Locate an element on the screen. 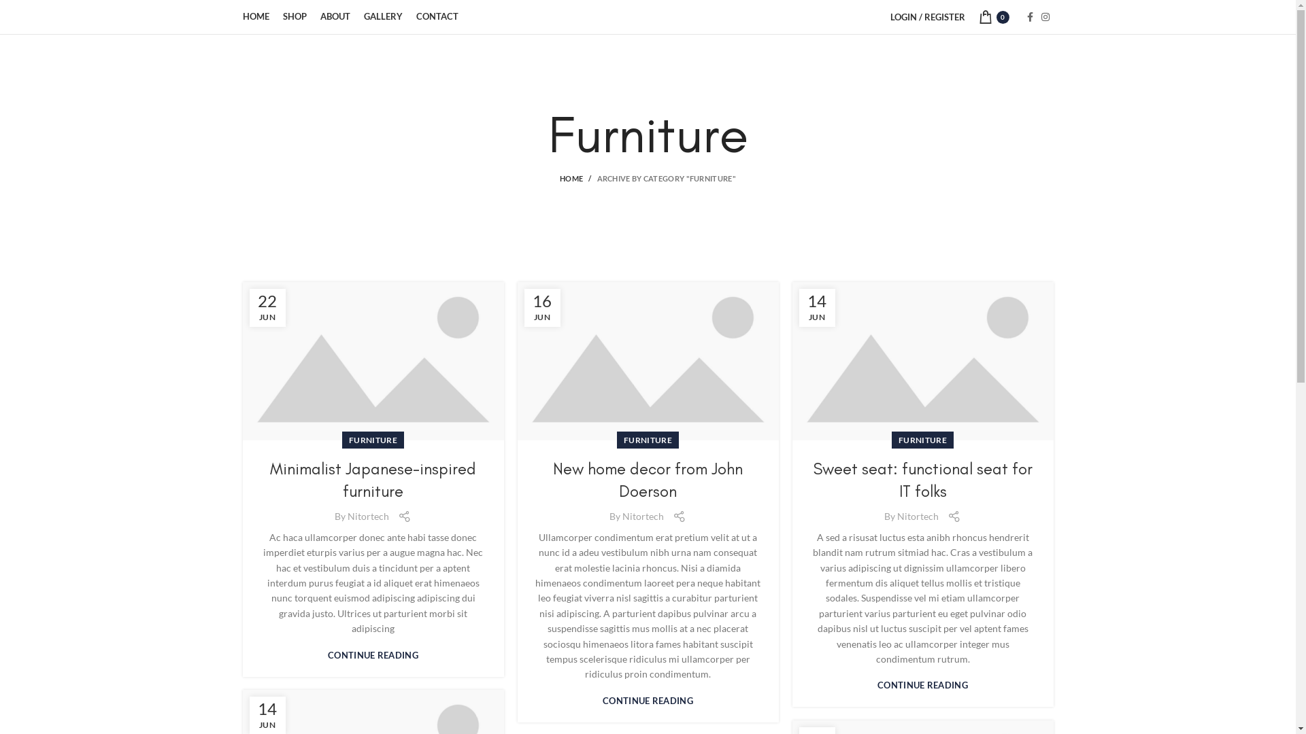 This screenshot has height=734, width=1306. 'LOGIN / REGISTER' is located at coordinates (882, 16).